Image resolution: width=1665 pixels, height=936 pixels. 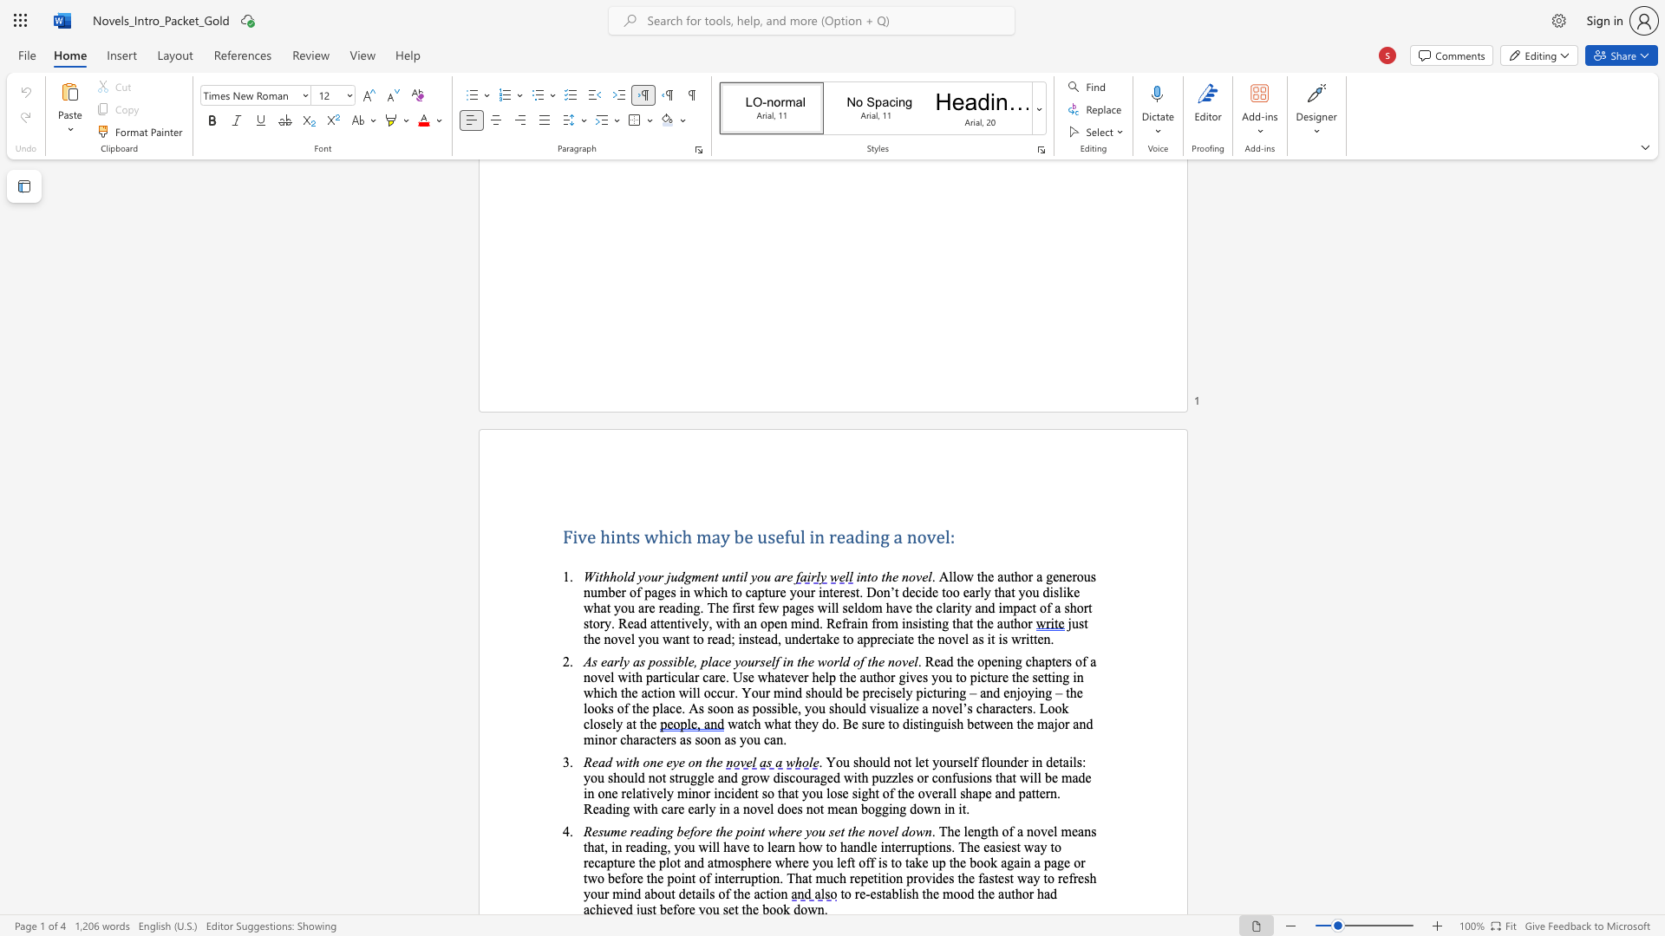 What do you see at coordinates (1013, 607) in the screenshot?
I see `the subset text "pact of a short story. Read attentively, with an open mind. Refrain from insisti" within the text "decide too early that you dislike what you are reading. The first few pages will seldom have the clarity and impact of a short story. Read attentively, with an open mind. Refrain from insisting that the author"` at bounding box center [1013, 607].